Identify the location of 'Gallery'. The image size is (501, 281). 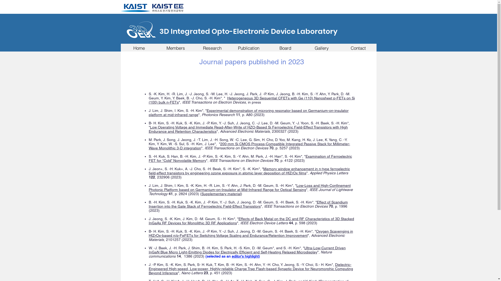
(321, 48).